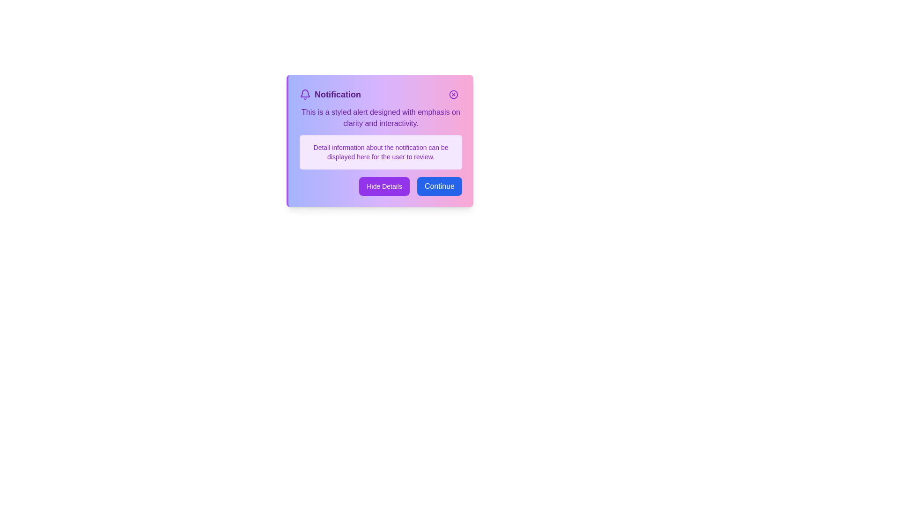 This screenshot has height=506, width=899. Describe the element at coordinates (454, 94) in the screenshot. I see `the close button to dismiss the notification` at that location.